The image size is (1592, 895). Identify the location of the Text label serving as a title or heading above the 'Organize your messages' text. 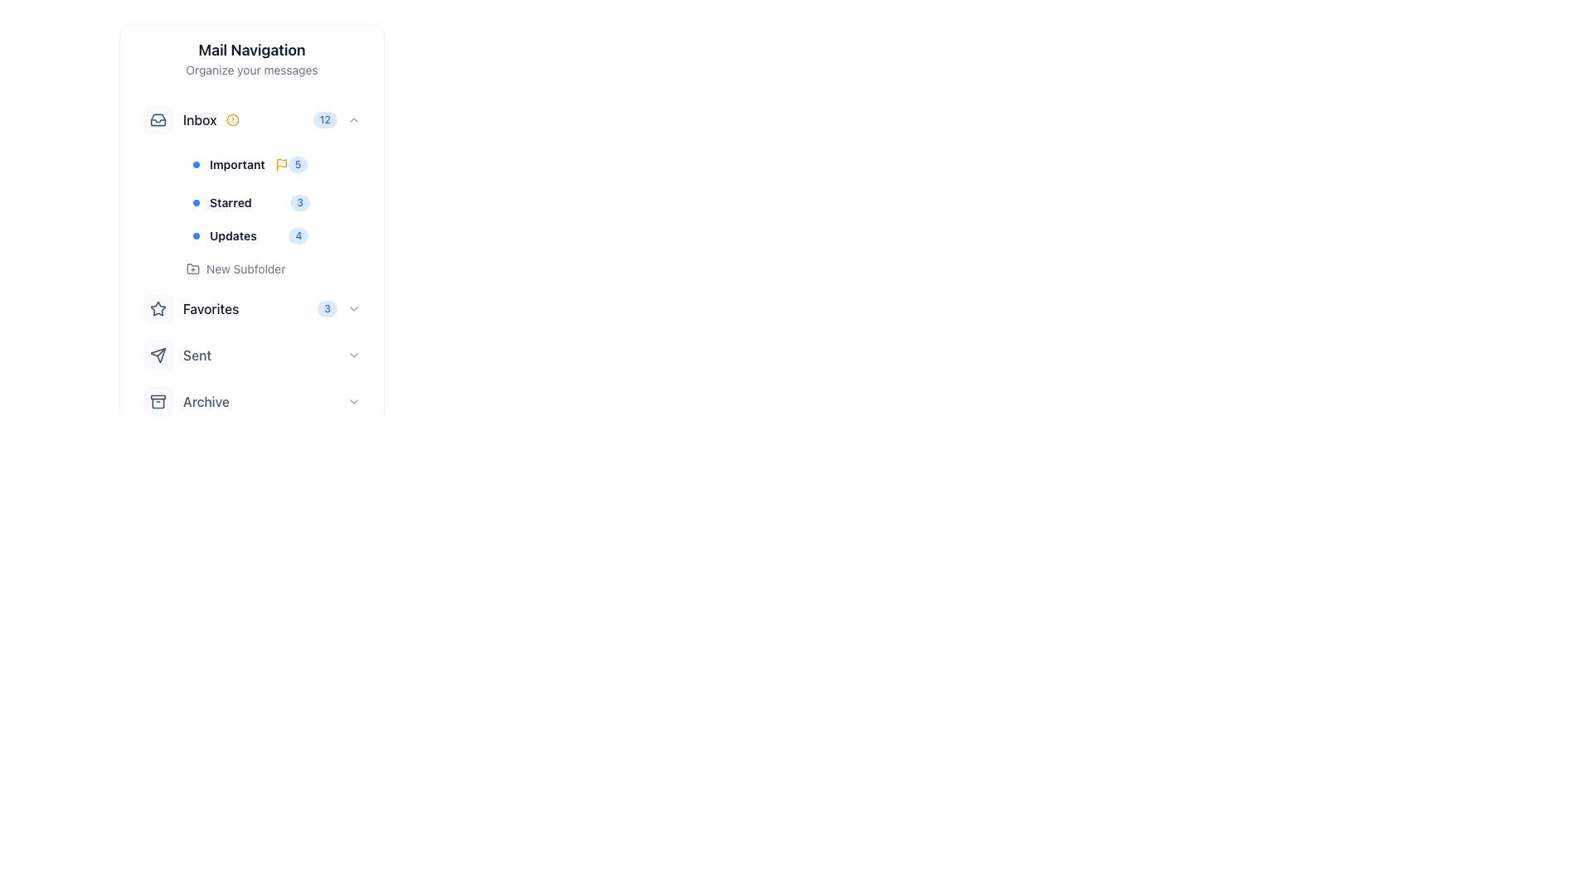
(250, 50).